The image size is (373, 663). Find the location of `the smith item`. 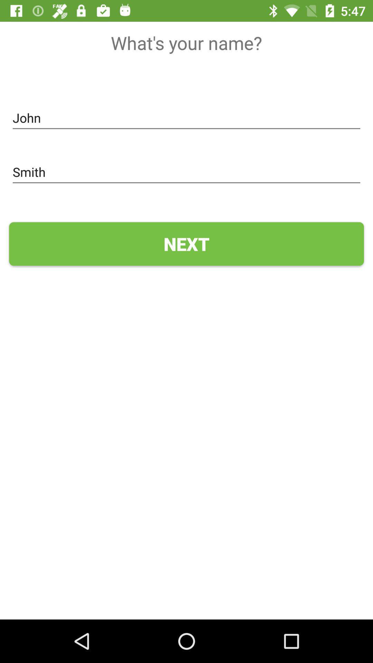

the smith item is located at coordinates (186, 172).